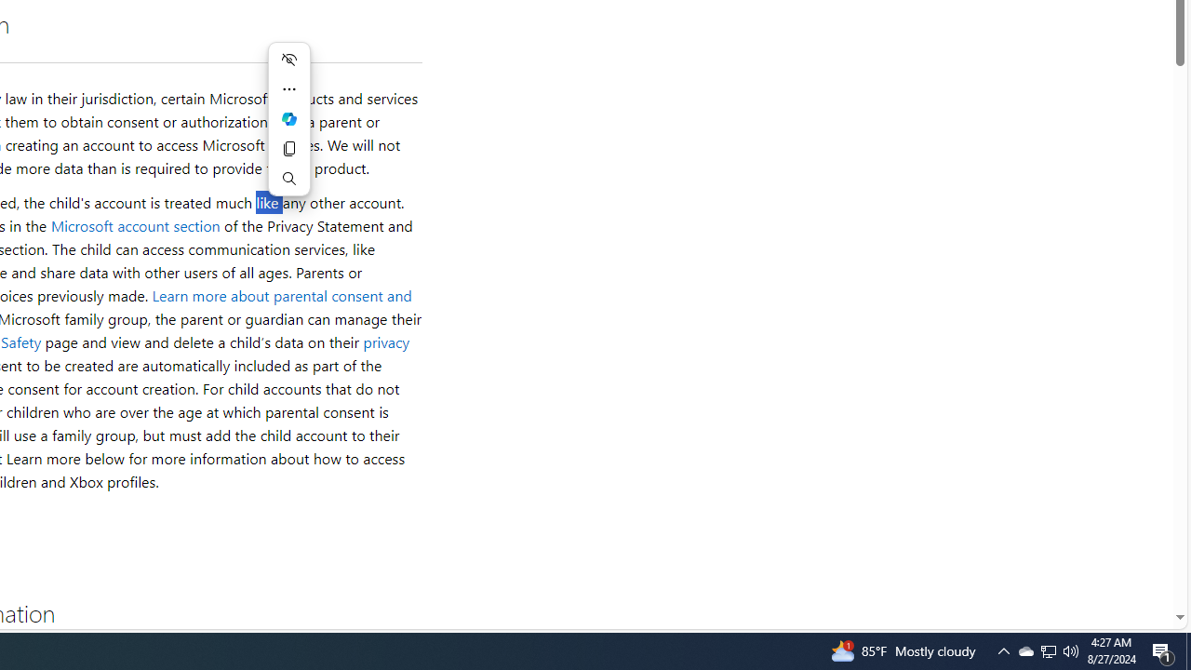 Image resolution: width=1191 pixels, height=670 pixels. What do you see at coordinates (288, 119) in the screenshot?
I see `'Ask Copilot'` at bounding box center [288, 119].